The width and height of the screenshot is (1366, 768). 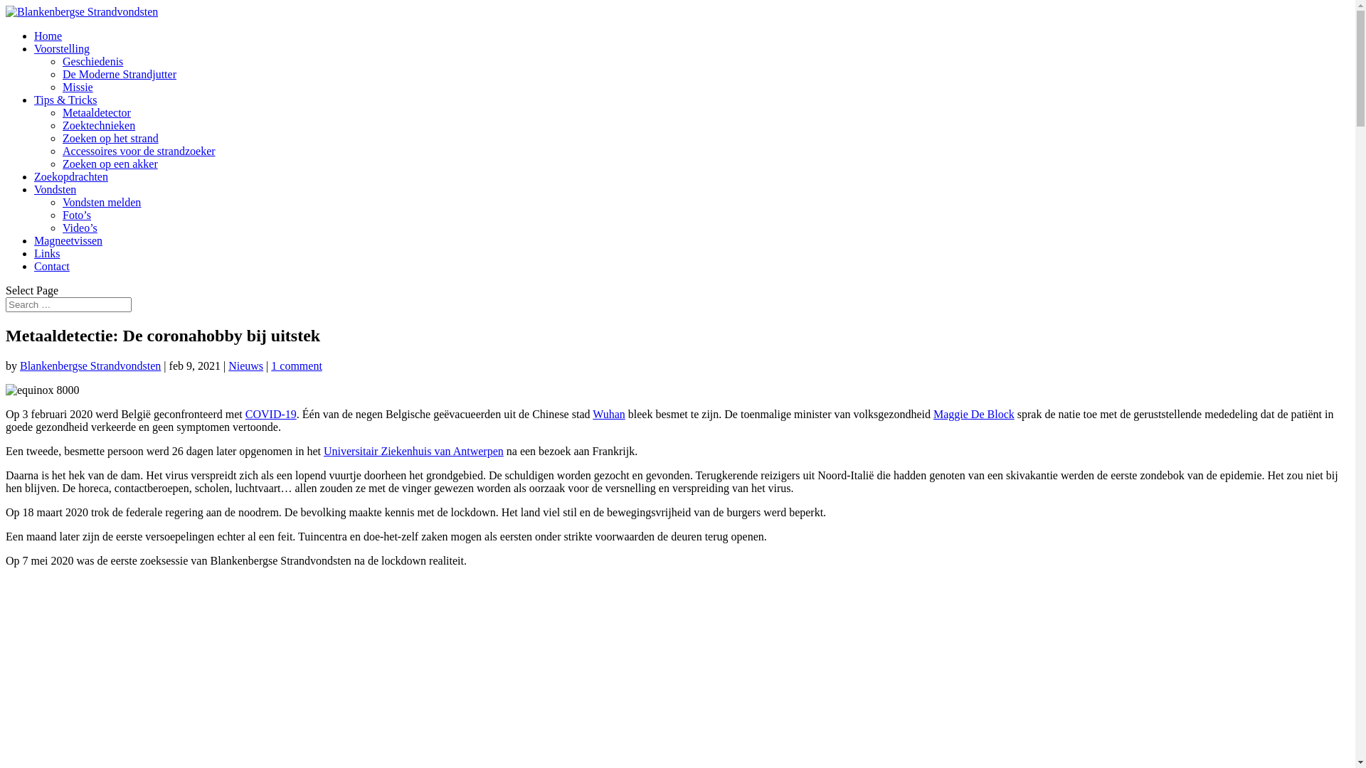 I want to click on 'Vondsten', so click(x=55, y=188).